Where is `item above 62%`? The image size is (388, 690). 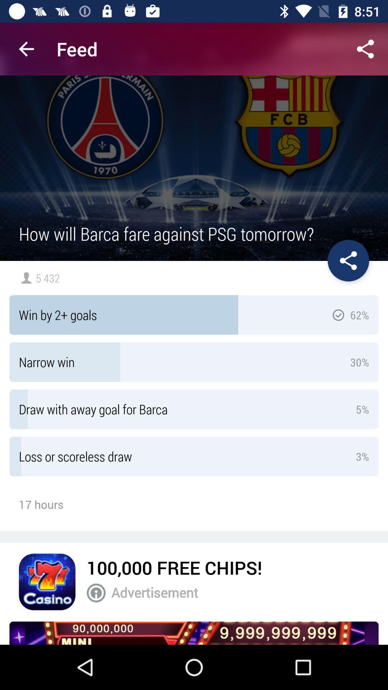
item above 62% is located at coordinates (348, 260).